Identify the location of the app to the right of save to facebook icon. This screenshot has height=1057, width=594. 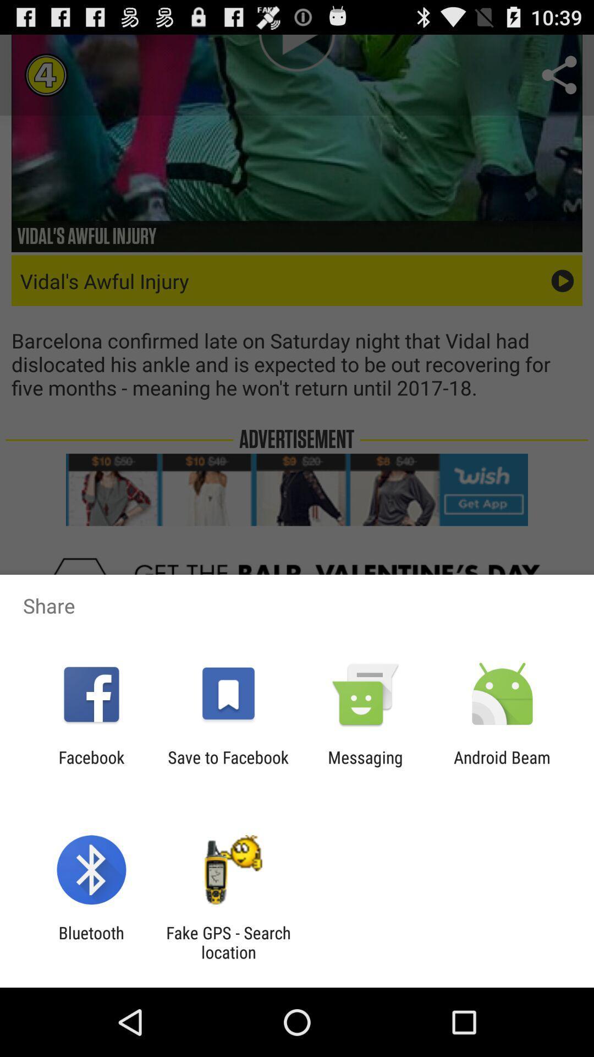
(365, 766).